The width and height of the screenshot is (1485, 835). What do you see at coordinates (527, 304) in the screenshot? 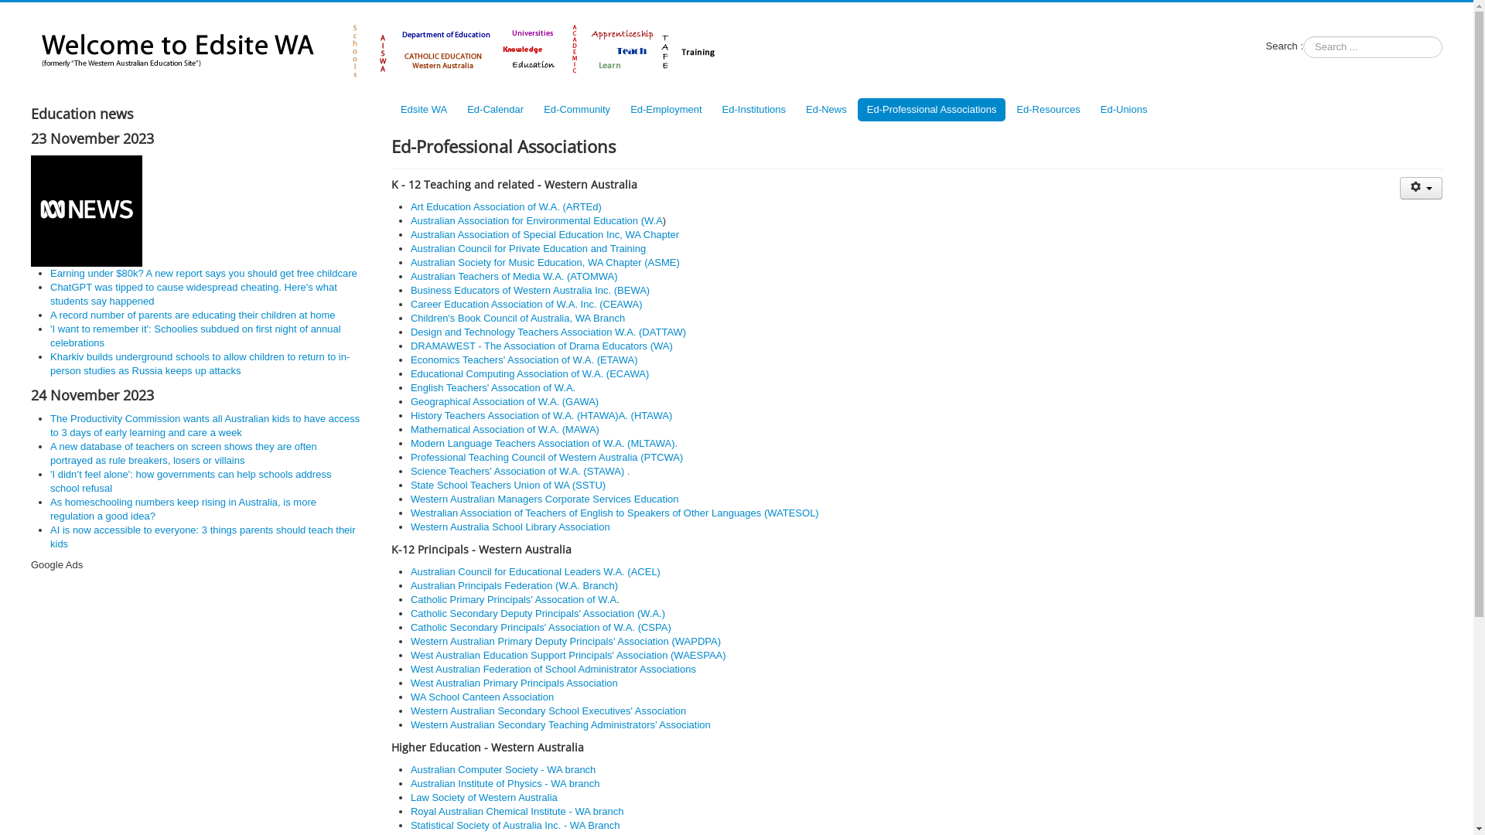
I see `'Career Education Association of W.A. Inc. (CEAWA)'` at bounding box center [527, 304].